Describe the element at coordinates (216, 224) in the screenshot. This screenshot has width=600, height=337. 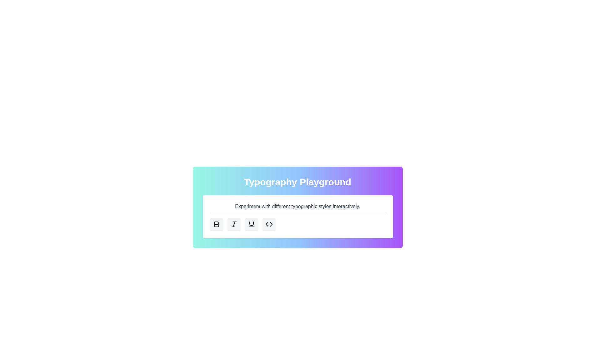
I see `the bold styling tool icon, which resembles the letter 'B' in bold style, located in the leftmost position of the toolbar beneath the 'Experiment with different typographic styles interactively' label to trigger hover effects` at that location.